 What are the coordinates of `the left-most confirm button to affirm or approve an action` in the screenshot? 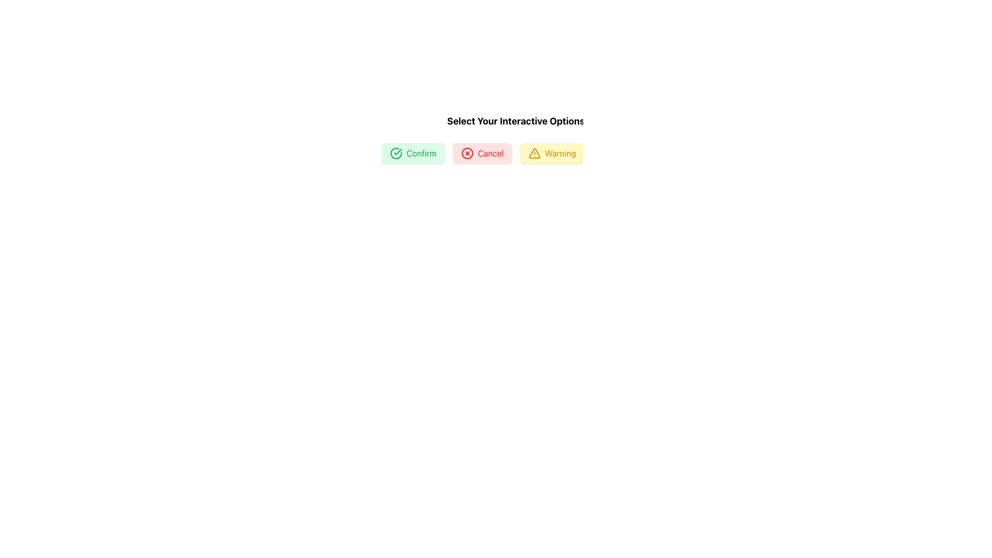 It's located at (413, 153).